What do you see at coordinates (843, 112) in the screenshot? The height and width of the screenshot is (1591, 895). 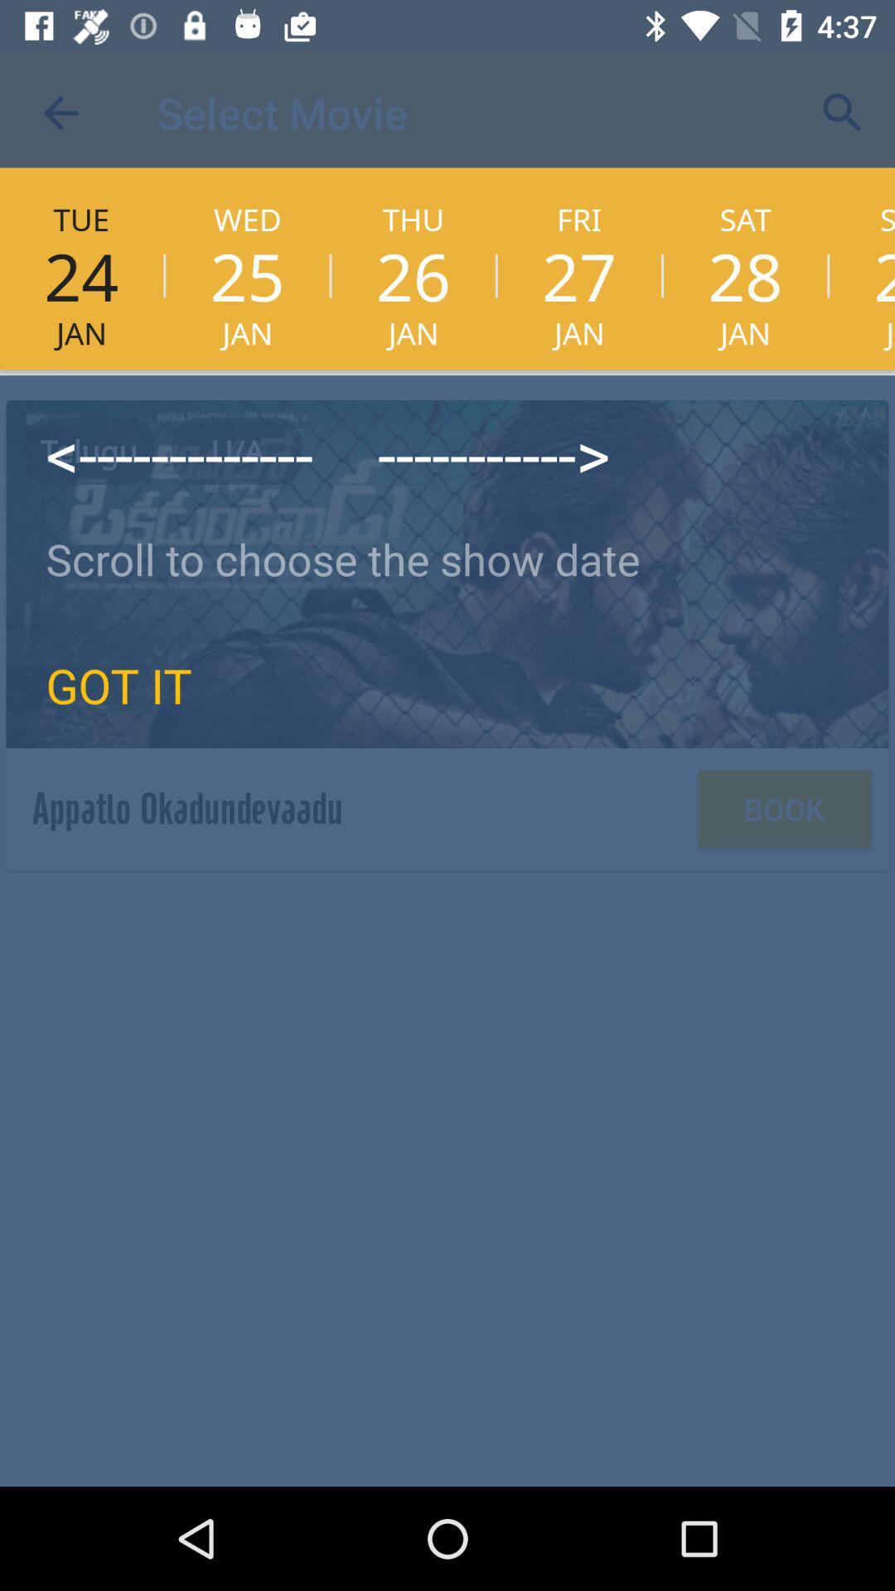 I see `the app next to the select movie app` at bounding box center [843, 112].